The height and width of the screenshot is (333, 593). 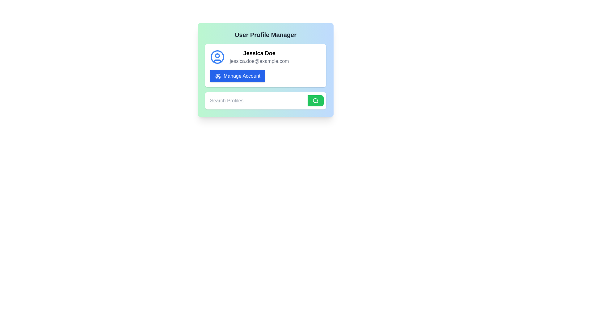 What do you see at coordinates (316, 101) in the screenshot?
I see `the green button with rounded corners that is located to the right of the white input field with the placeholder 'Search Profiles'` at bounding box center [316, 101].